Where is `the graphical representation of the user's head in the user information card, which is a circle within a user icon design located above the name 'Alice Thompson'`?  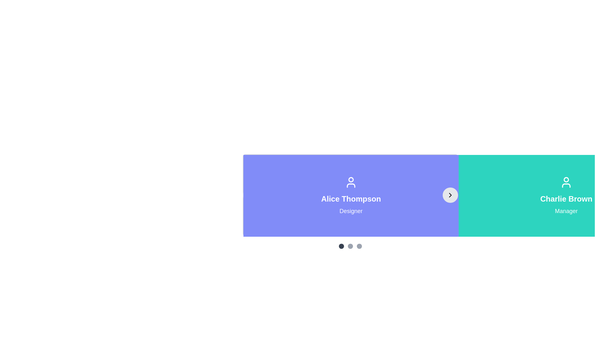 the graphical representation of the user's head in the user information card, which is a circle within a user icon design located above the name 'Alice Thompson' is located at coordinates (350, 180).